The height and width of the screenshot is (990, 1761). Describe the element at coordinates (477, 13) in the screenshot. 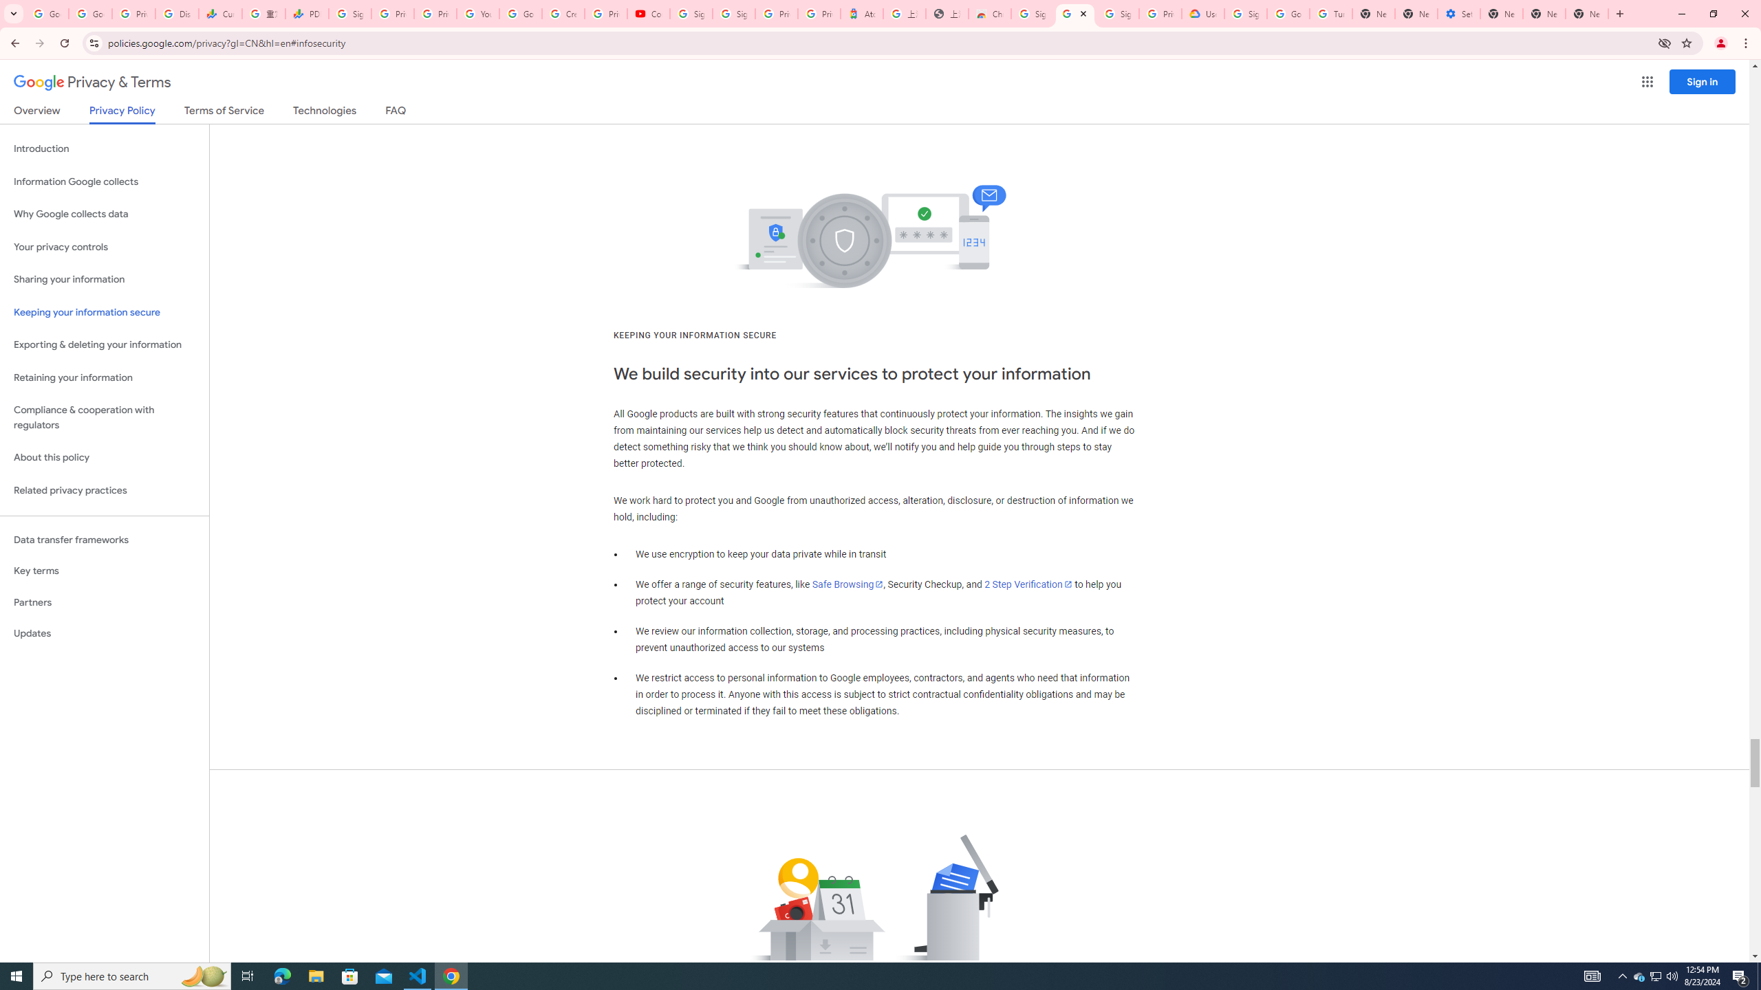

I see `'YouTube'` at that location.